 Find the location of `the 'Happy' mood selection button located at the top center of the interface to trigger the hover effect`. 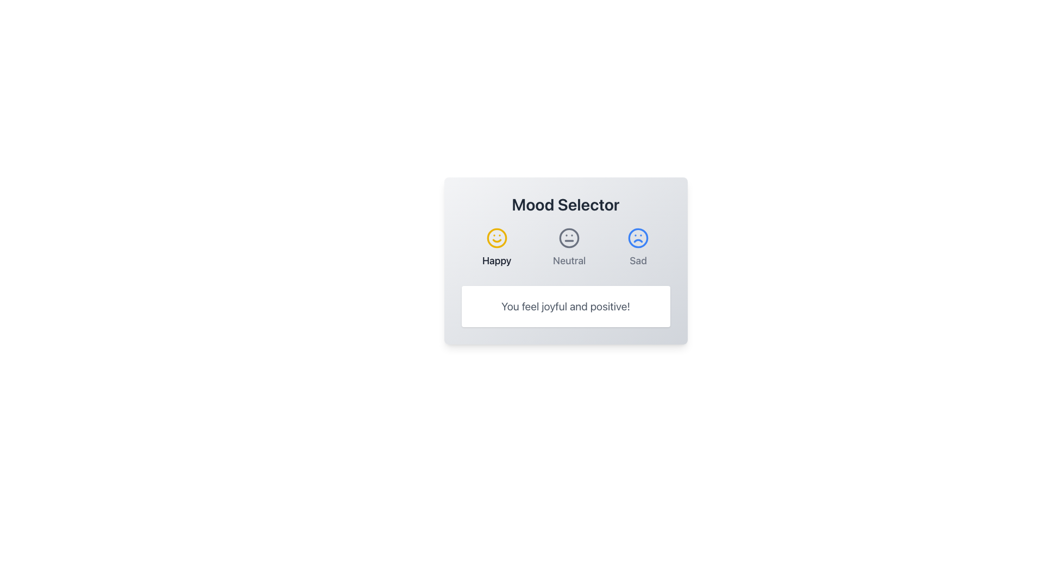

the 'Happy' mood selection button located at the top center of the interface to trigger the hover effect is located at coordinates (496, 247).